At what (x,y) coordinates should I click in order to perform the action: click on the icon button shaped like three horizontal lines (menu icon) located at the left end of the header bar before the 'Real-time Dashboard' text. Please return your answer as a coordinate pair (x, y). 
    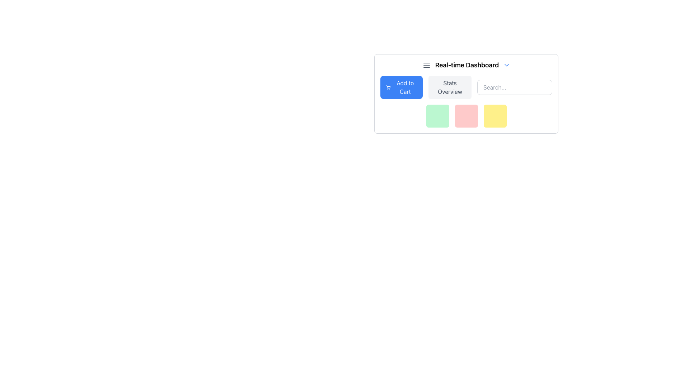
    Looking at the image, I should click on (426, 65).